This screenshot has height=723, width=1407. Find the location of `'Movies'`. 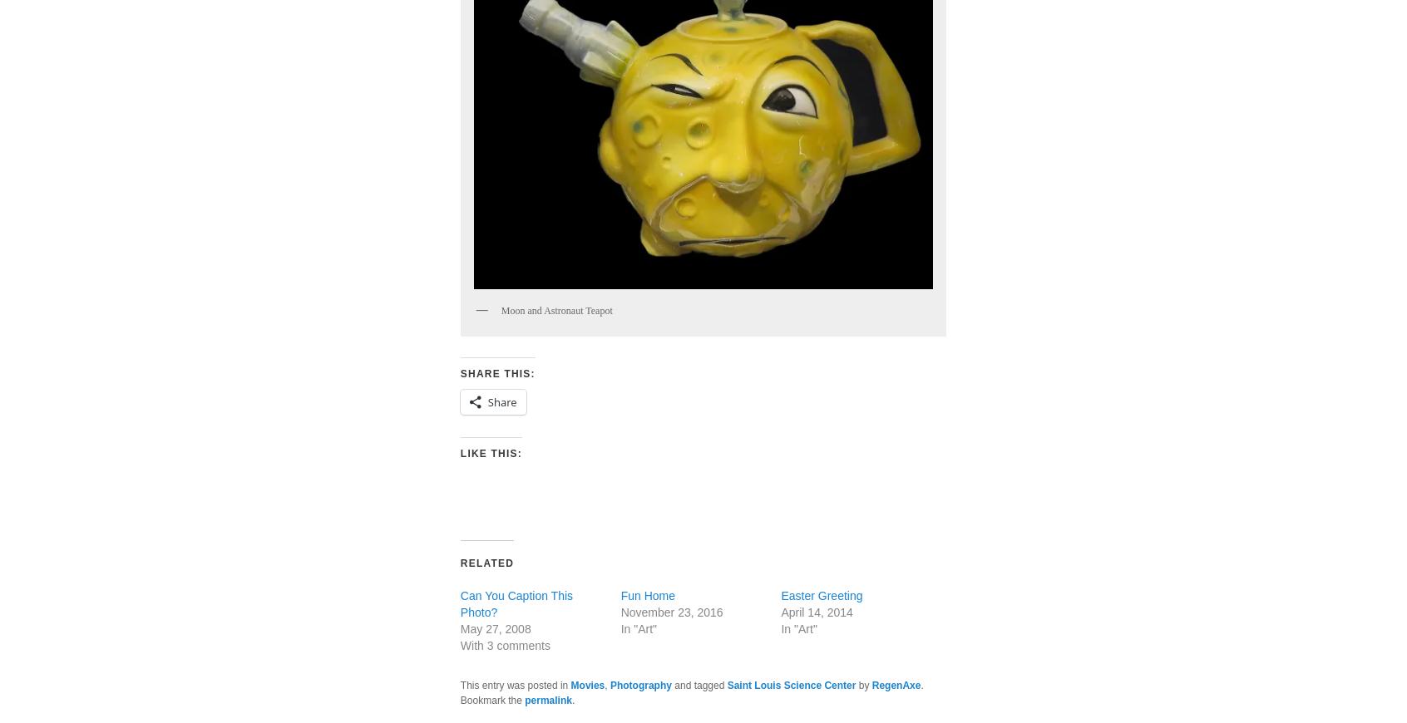

'Movies' is located at coordinates (570, 684).